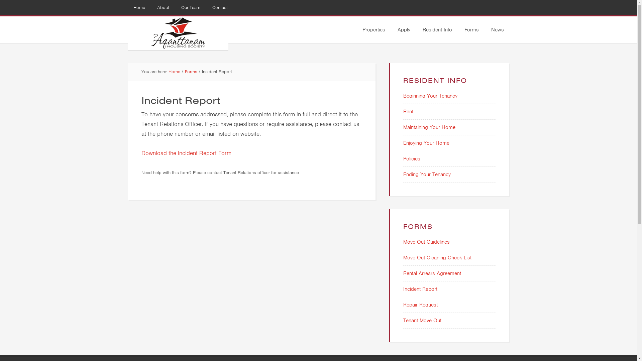 Image resolution: width=642 pixels, height=361 pixels. Describe the element at coordinates (420, 305) in the screenshot. I see `'Repair Request'` at that location.